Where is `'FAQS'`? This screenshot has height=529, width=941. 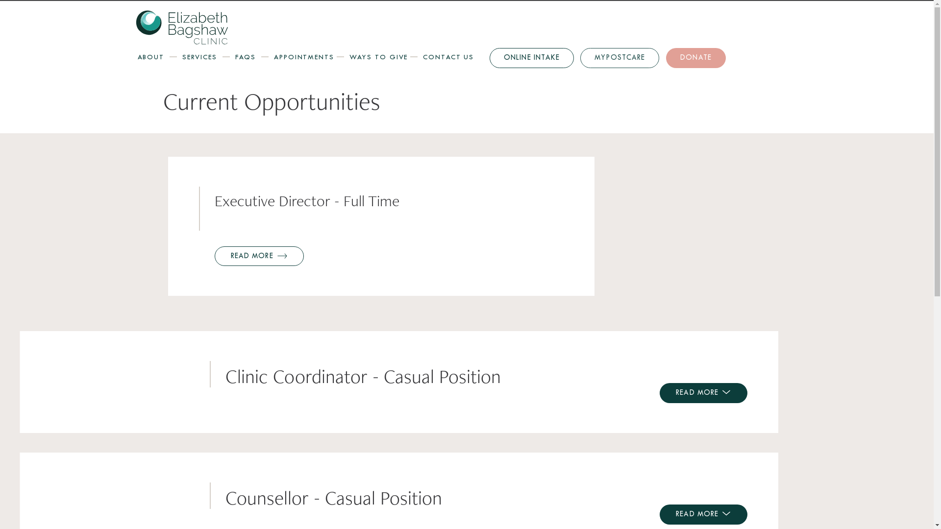
'FAQS' is located at coordinates (246, 58).